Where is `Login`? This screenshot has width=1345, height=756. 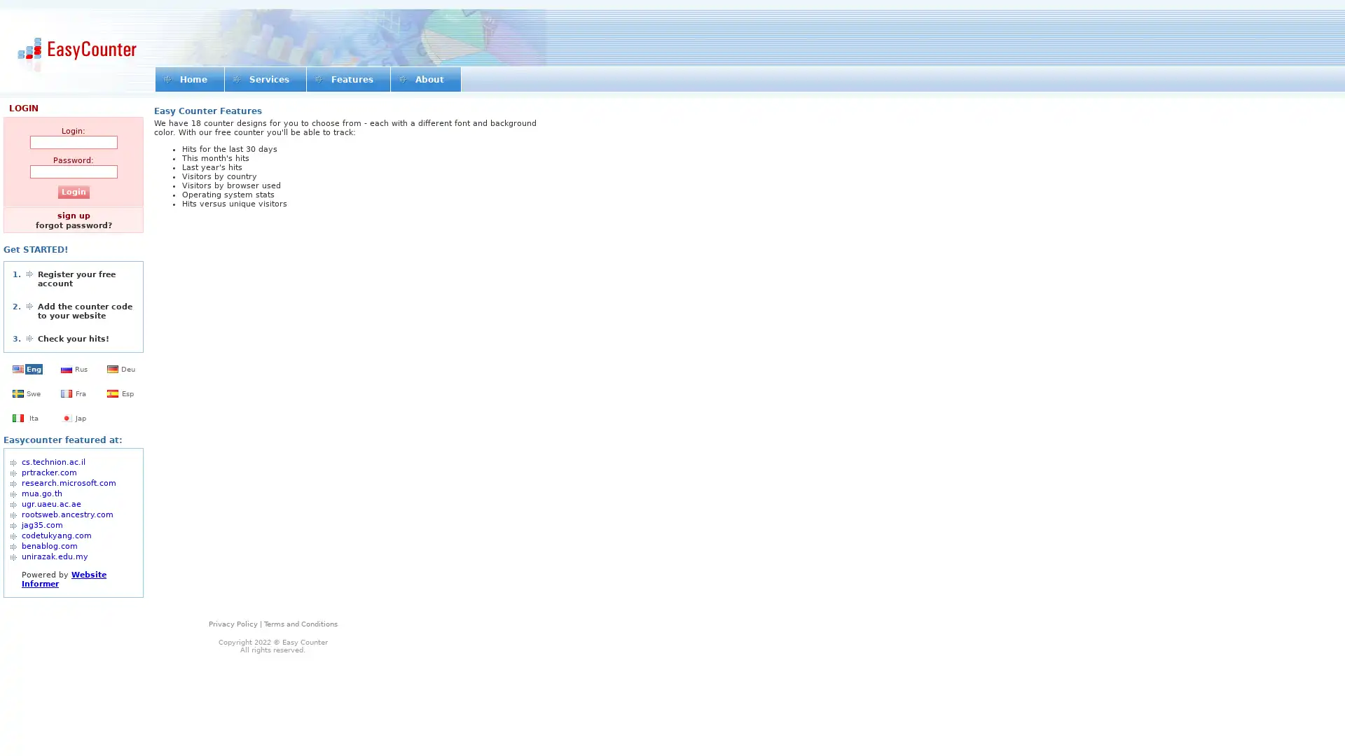 Login is located at coordinates (72, 192).